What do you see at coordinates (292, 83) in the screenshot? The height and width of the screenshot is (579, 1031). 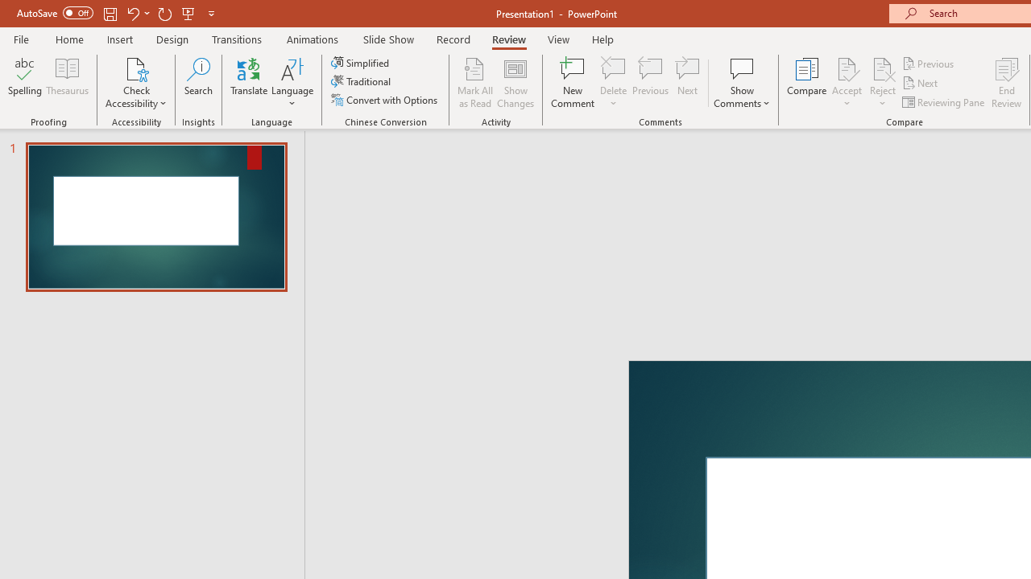 I see `'Language'` at bounding box center [292, 83].